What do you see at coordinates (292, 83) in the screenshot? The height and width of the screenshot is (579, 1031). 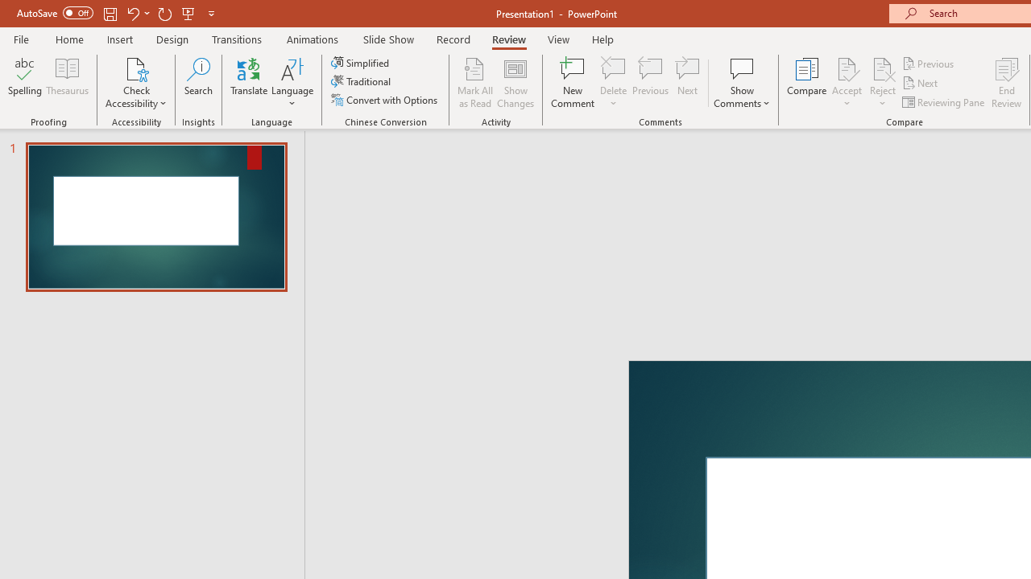 I see `'Language'` at bounding box center [292, 83].